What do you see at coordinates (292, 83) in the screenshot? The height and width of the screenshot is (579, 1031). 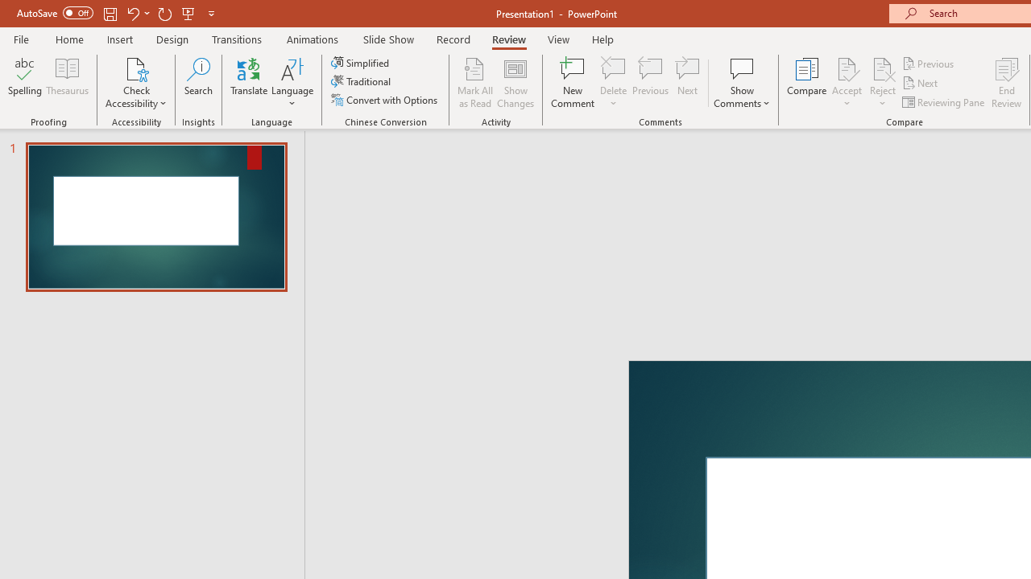 I see `'Language'` at bounding box center [292, 83].